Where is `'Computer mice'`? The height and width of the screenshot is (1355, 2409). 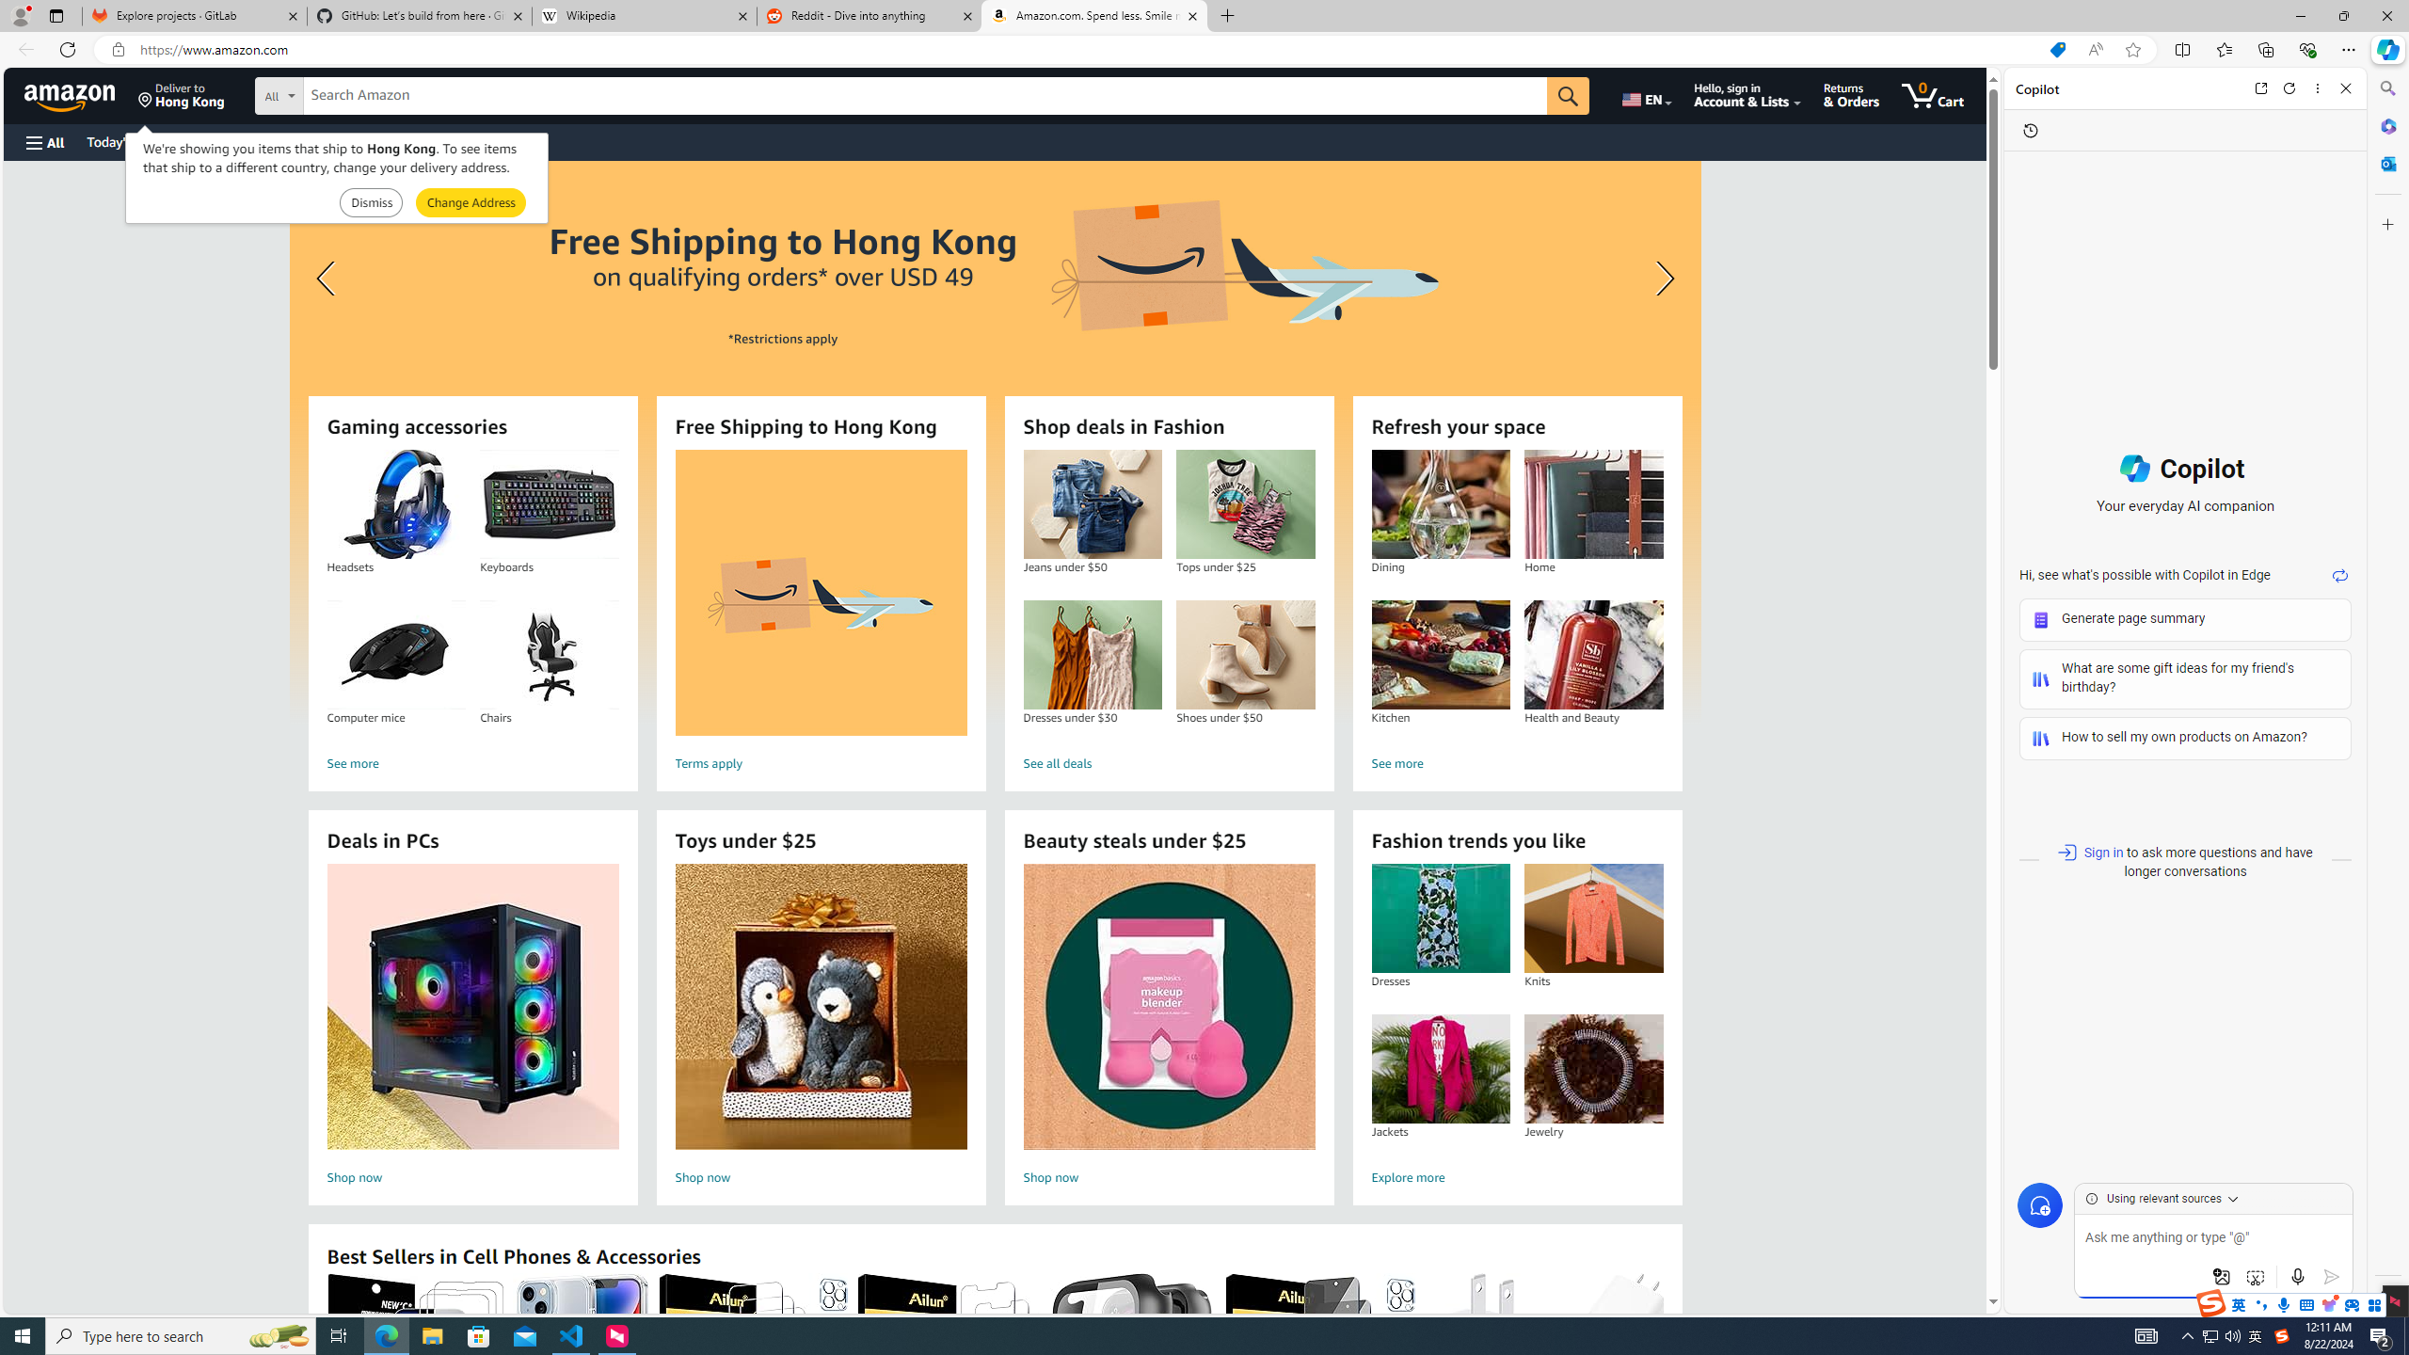 'Computer mice' is located at coordinates (395, 655).